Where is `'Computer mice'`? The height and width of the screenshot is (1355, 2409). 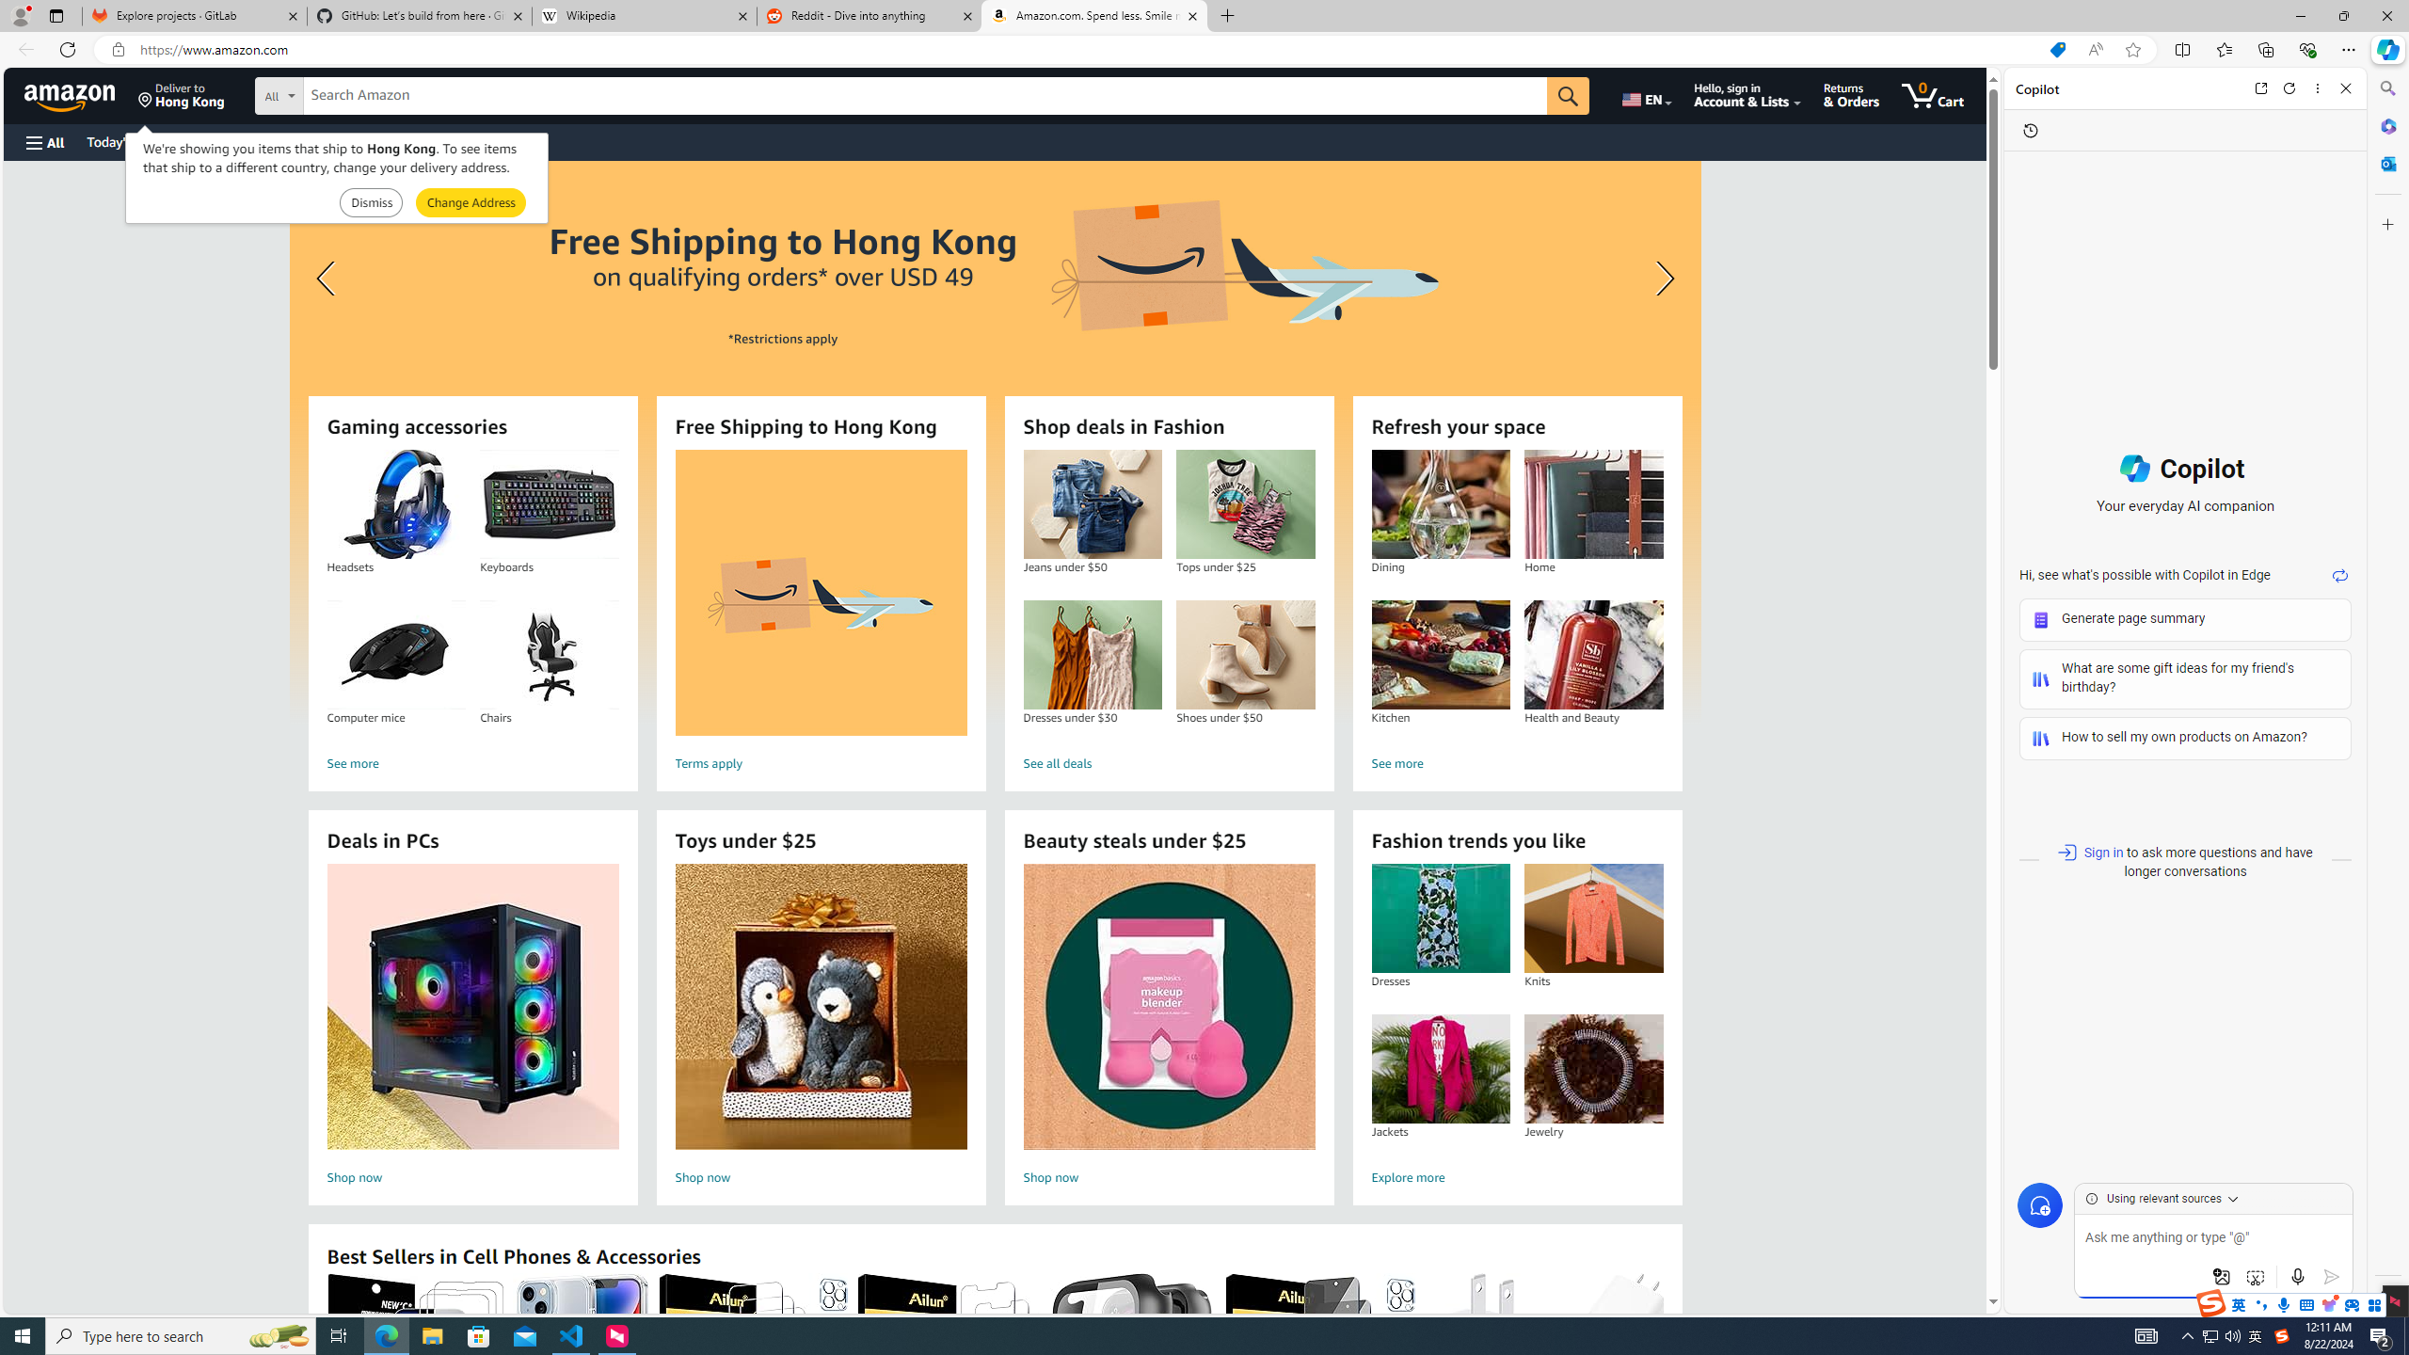 'Computer mice' is located at coordinates (395, 655).